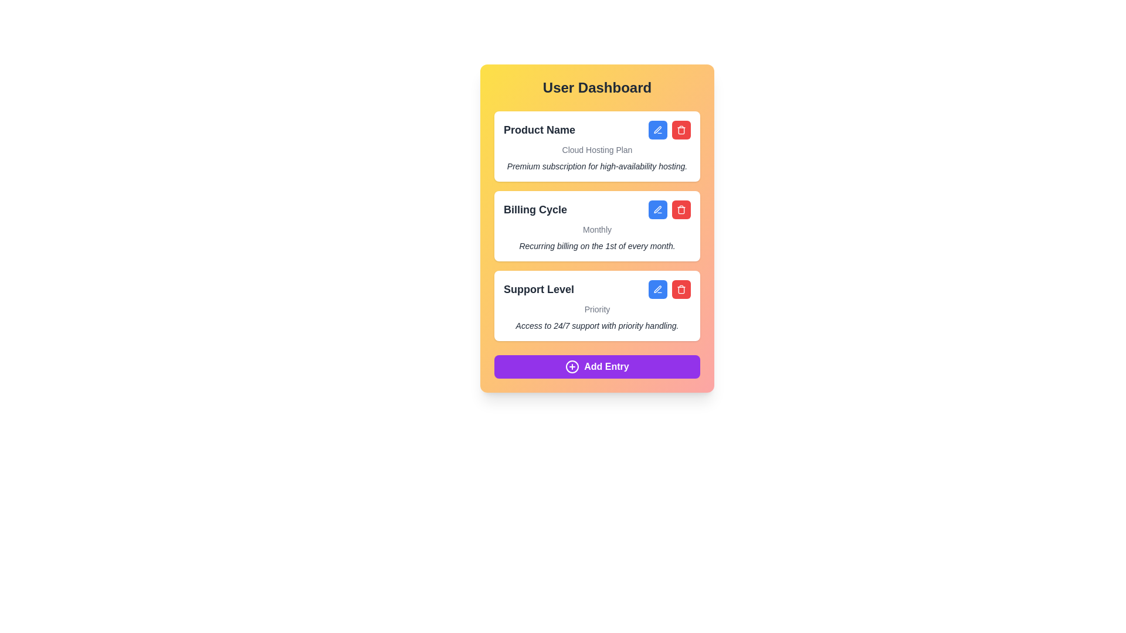 The height and width of the screenshot is (633, 1126). Describe the element at coordinates (597, 230) in the screenshot. I see `the static text label indicating the billing frequency option located in the 'Billing Cycle' section, situated below the 'Billing Cycle' header and above the description text` at that location.